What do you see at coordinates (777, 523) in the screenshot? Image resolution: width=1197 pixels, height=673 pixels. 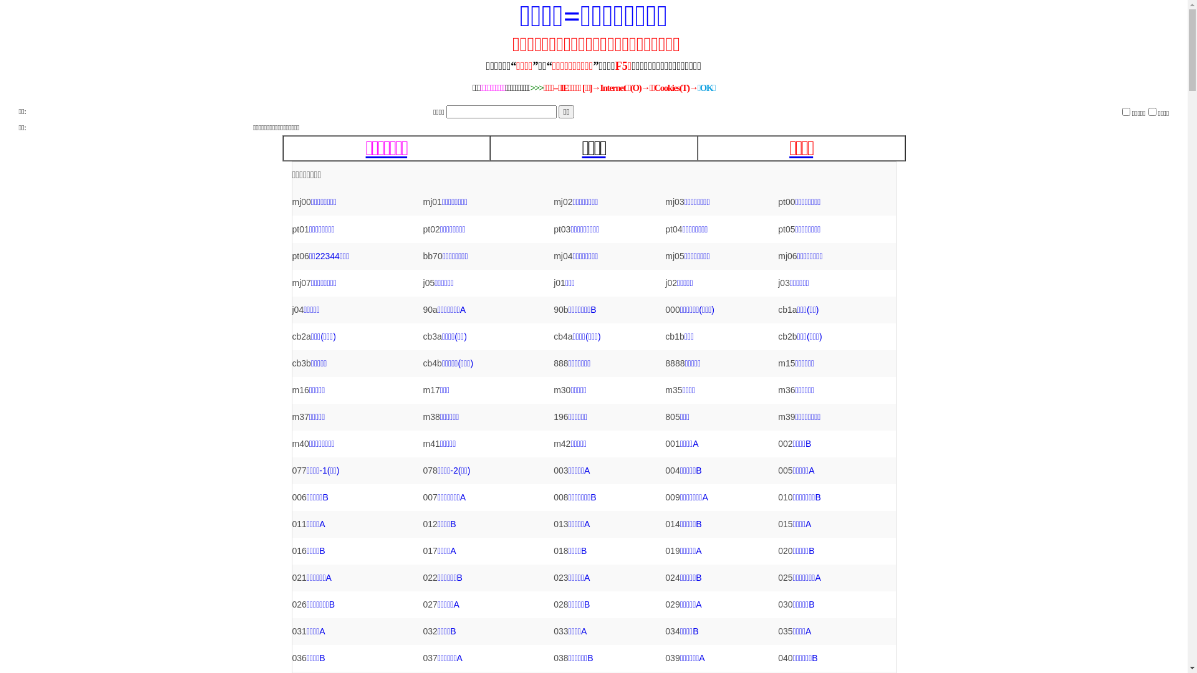 I see `'015'` at bounding box center [777, 523].